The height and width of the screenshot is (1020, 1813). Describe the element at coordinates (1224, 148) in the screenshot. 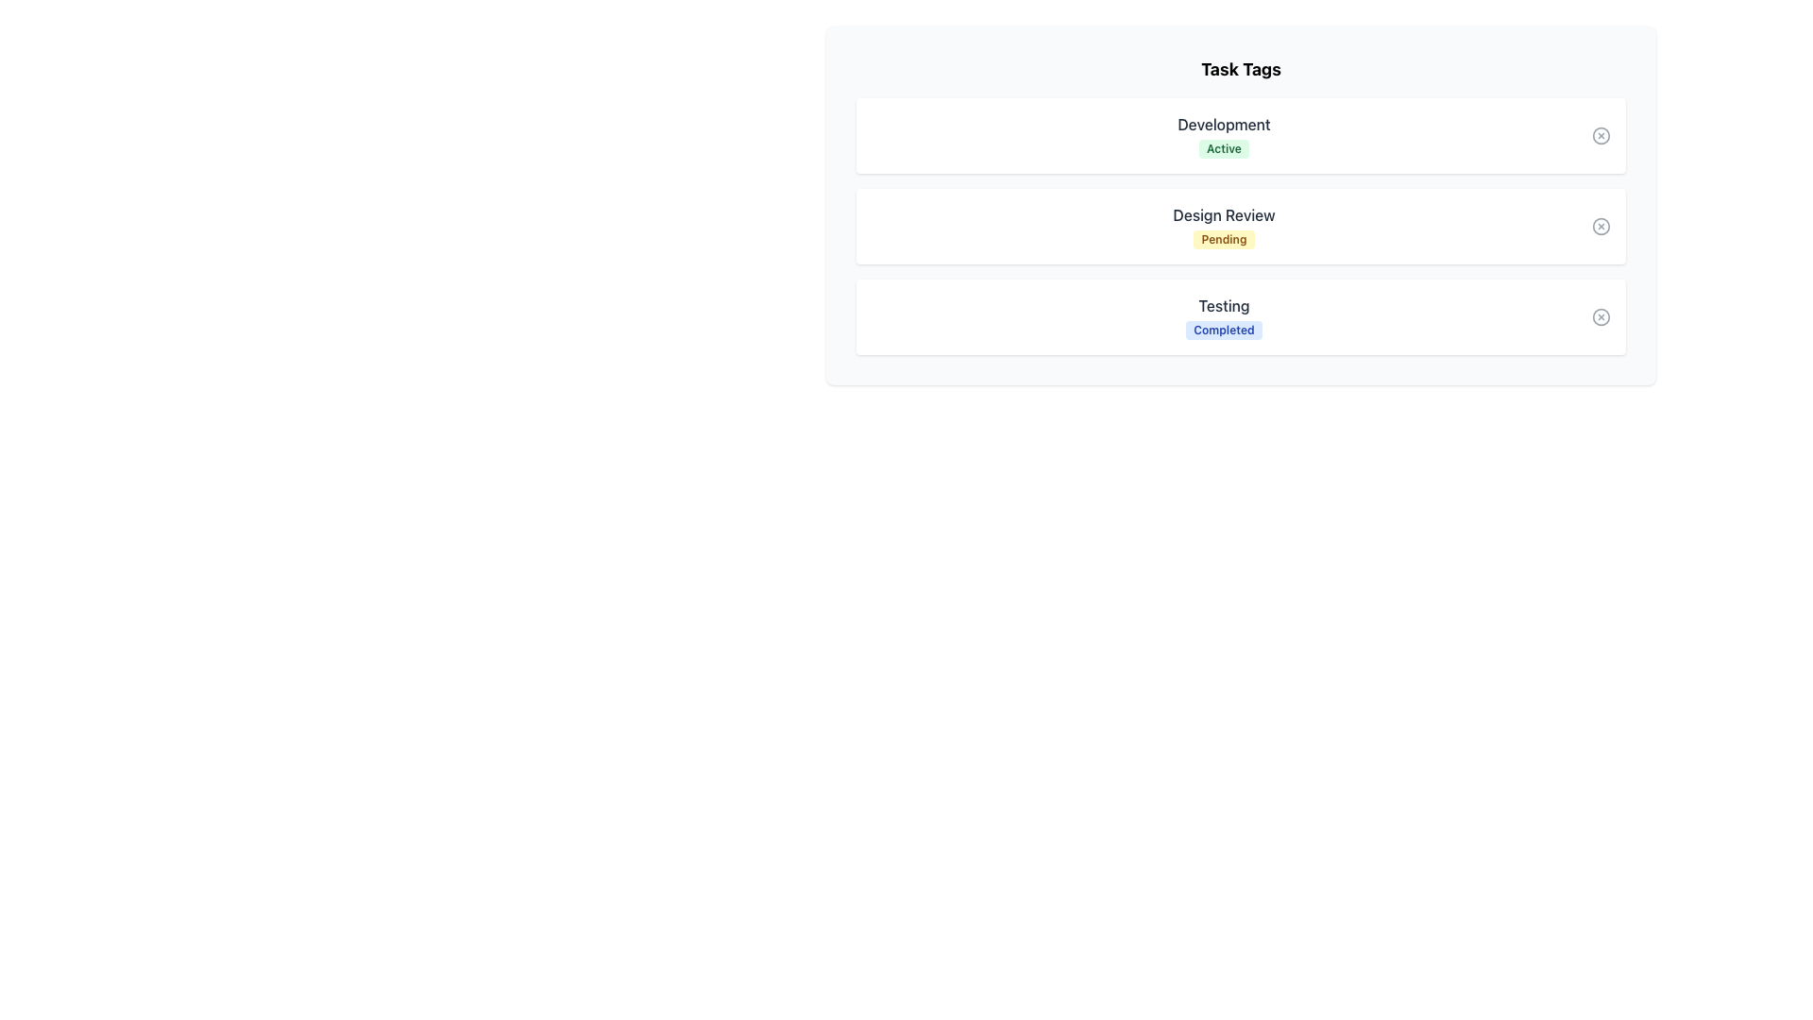

I see `the small rectangular label with the text 'Active', which has a light green background and dark green text, located to the right of 'Development' in the task list interface` at that location.